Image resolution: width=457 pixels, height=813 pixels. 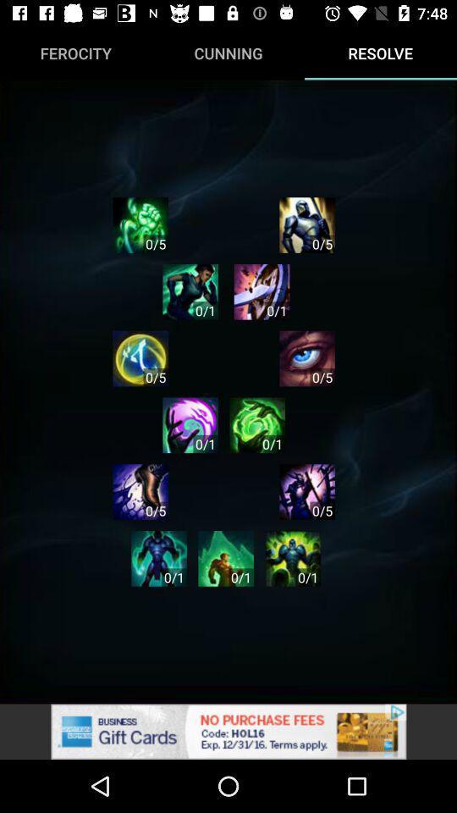 What do you see at coordinates (292, 557) in the screenshot?
I see `icon to page` at bounding box center [292, 557].